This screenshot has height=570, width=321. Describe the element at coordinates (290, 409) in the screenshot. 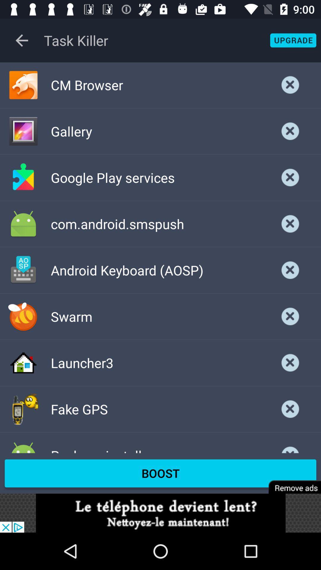

I see `page` at that location.